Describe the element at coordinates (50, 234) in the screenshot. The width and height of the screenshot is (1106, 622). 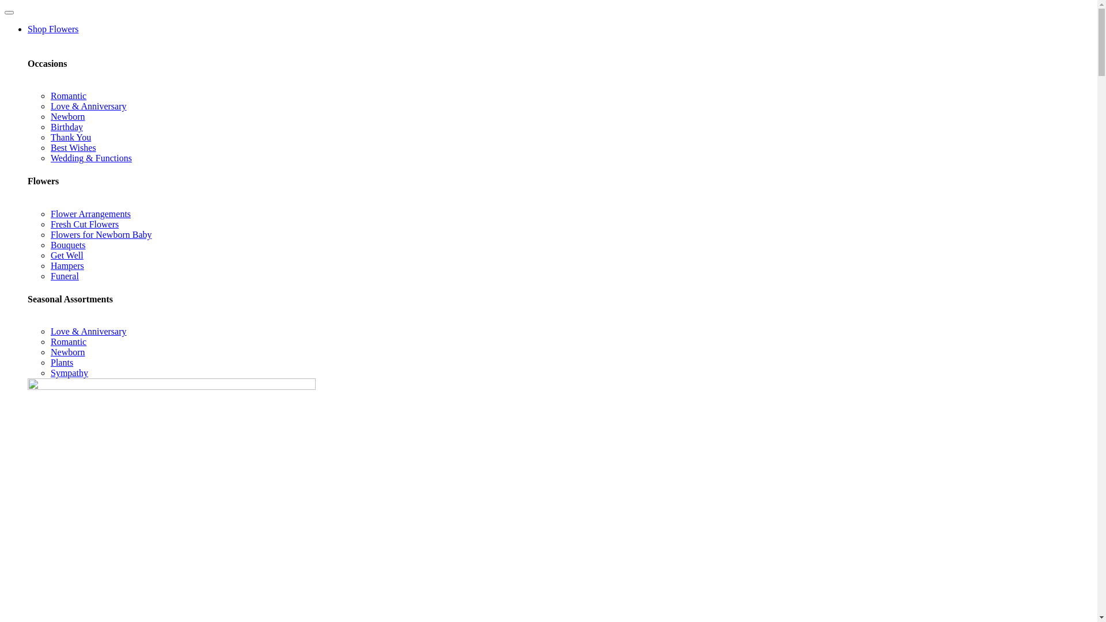
I see `'Flowers for Newborn Baby'` at that location.